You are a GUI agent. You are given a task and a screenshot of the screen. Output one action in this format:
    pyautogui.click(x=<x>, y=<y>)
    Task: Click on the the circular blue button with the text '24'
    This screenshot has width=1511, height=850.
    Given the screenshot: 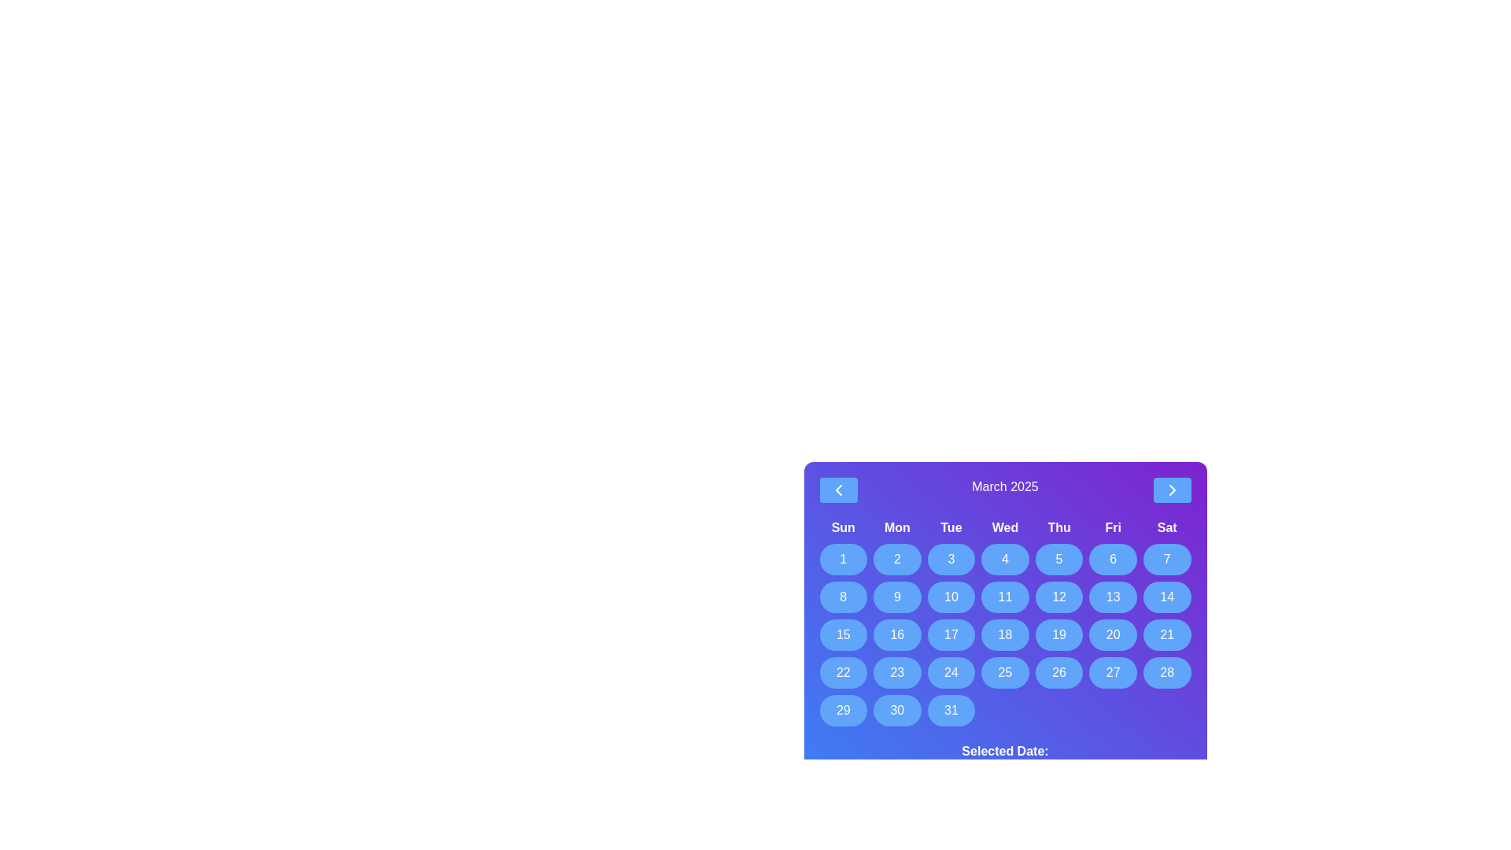 What is the action you would take?
    pyautogui.click(x=950, y=673)
    